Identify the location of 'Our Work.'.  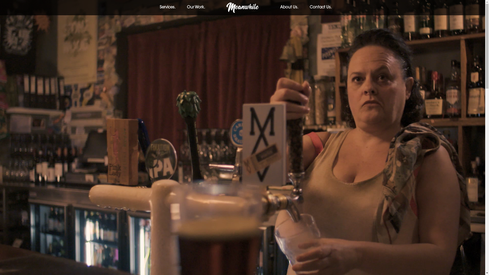
(196, 7).